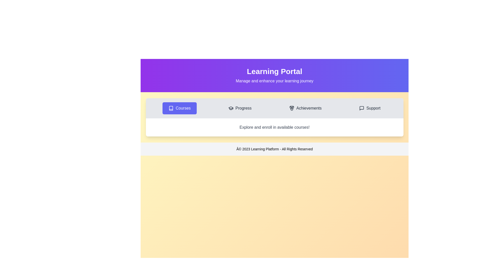 The width and height of the screenshot is (483, 272). Describe the element at coordinates (292, 108) in the screenshot. I see `the achievements icon, which is the first visual element within the 'Achievements' button, located in the horizontal navigation bar between the 'Progress' and 'Support' buttons` at that location.